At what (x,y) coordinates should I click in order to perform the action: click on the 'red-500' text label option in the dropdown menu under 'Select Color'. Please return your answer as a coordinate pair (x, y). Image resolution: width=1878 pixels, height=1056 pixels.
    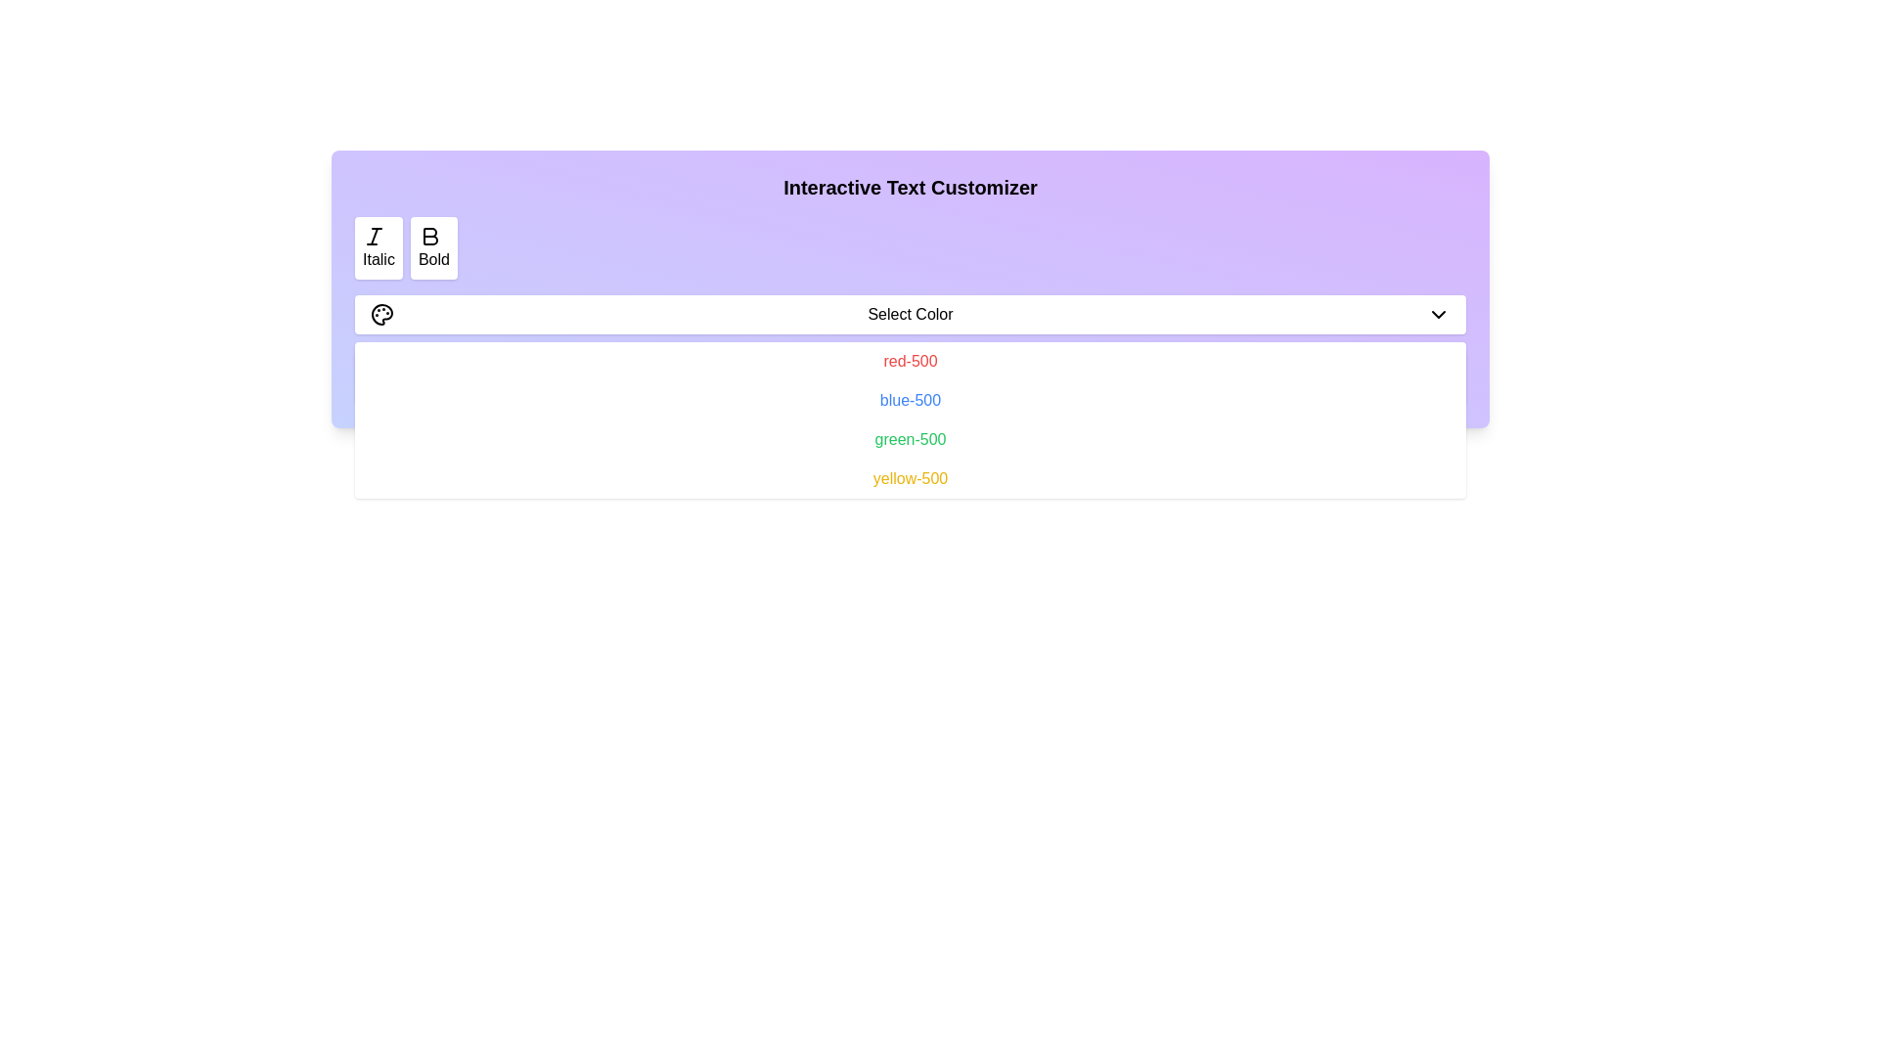
    Looking at the image, I should click on (910, 361).